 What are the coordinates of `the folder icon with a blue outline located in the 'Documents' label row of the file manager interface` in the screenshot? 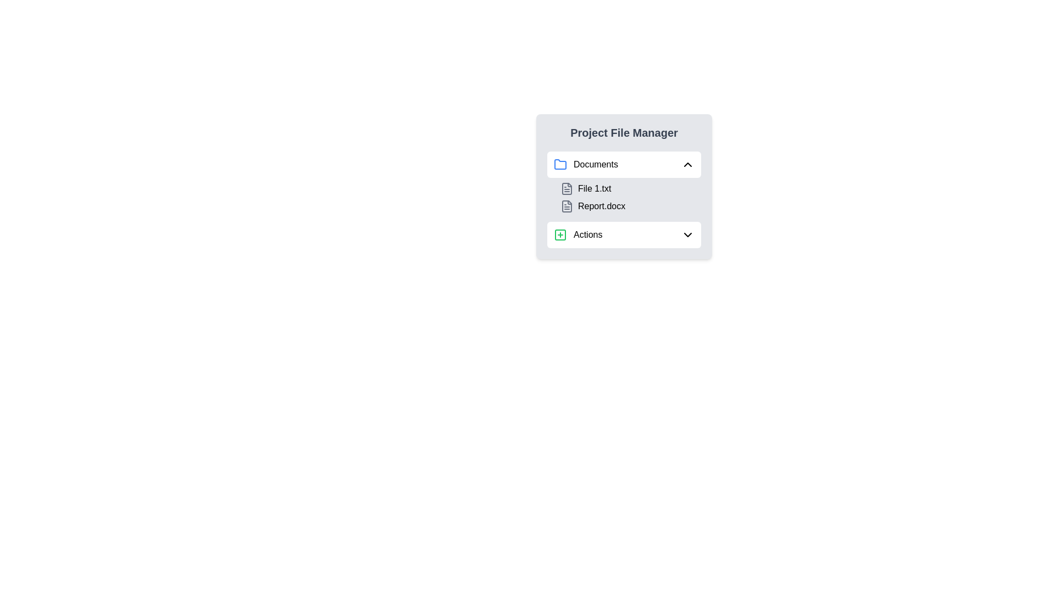 It's located at (560, 165).